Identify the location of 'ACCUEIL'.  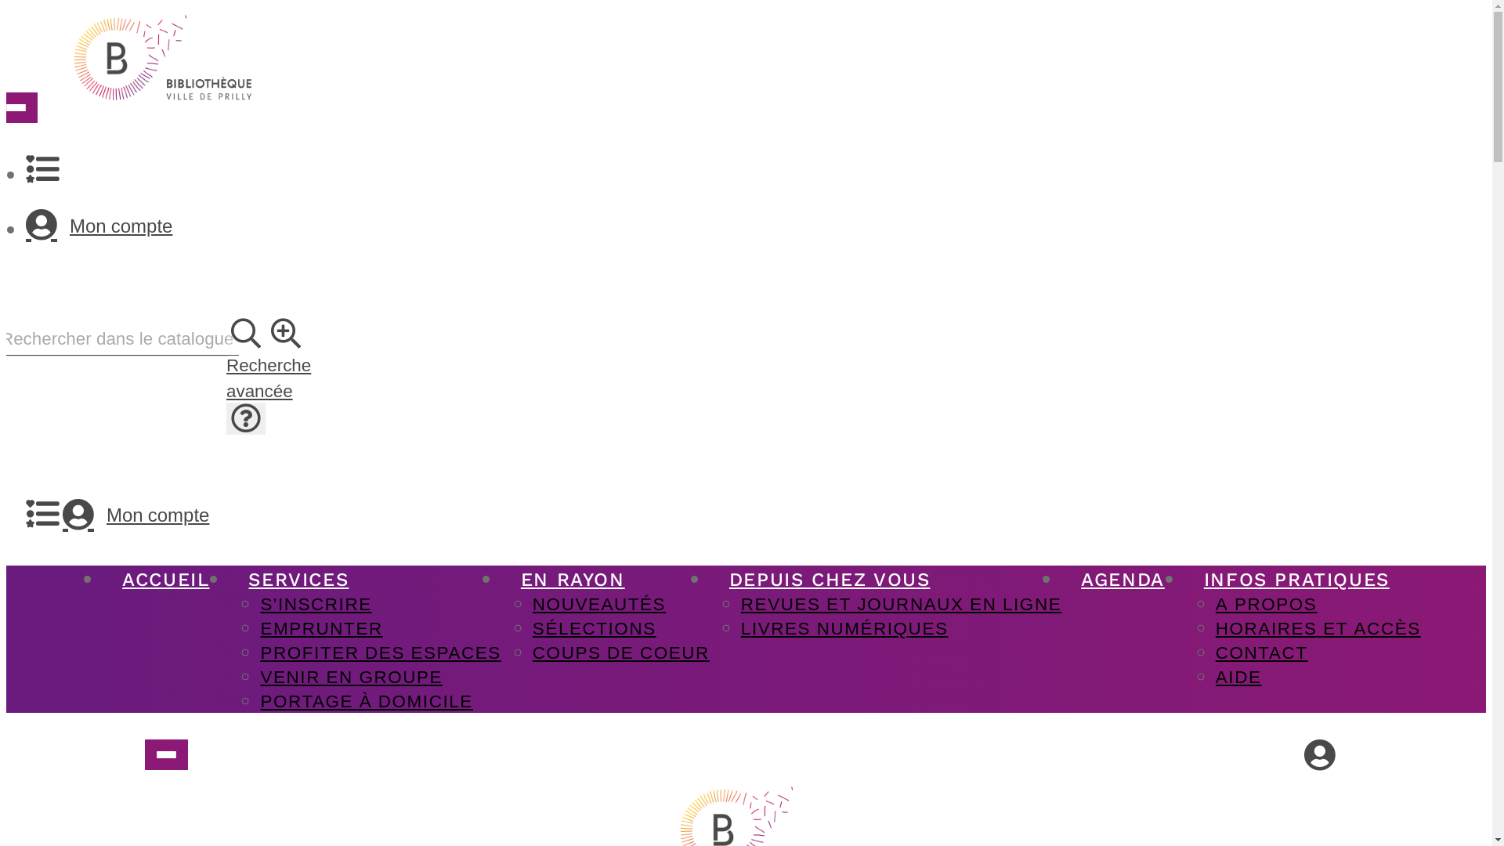
(165, 580).